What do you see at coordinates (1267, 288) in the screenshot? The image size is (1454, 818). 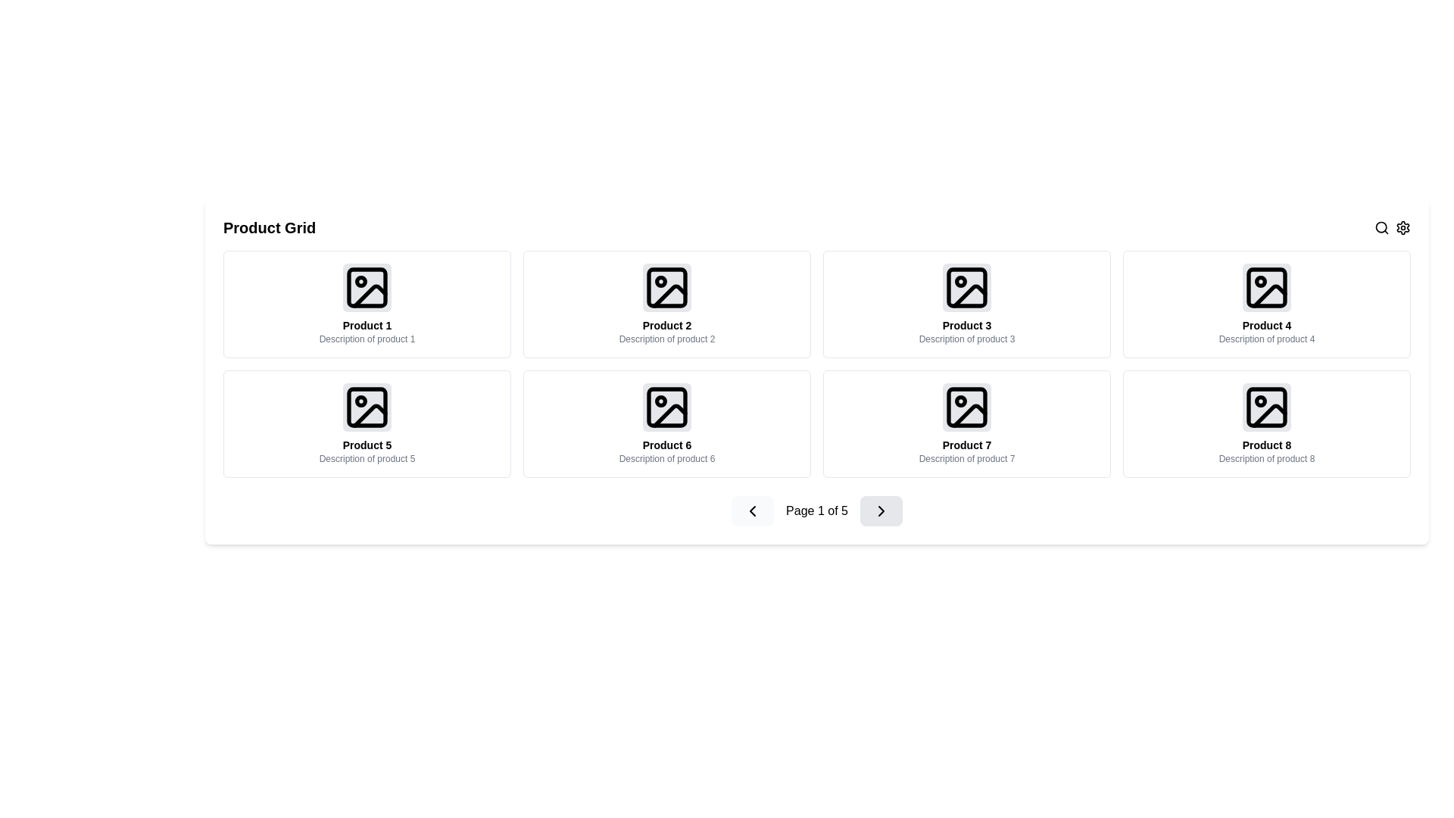 I see `the decorative vector graphic rectangle with rounded corners located in the product card for 'Product 4', positioned in the top row's fourth position from the left` at bounding box center [1267, 288].